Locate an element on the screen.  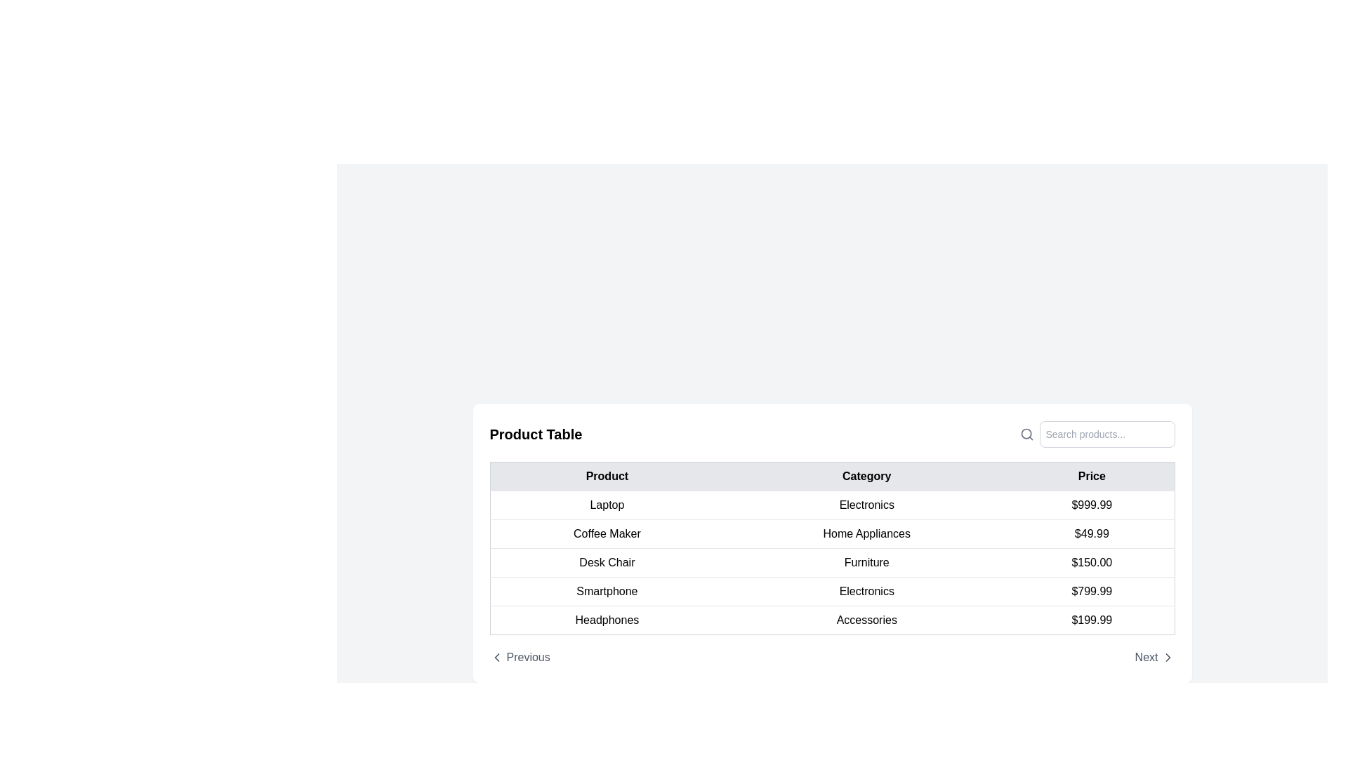
the pagination control button located at the lower-right corner of the product table to change its color is located at coordinates (1155, 657).